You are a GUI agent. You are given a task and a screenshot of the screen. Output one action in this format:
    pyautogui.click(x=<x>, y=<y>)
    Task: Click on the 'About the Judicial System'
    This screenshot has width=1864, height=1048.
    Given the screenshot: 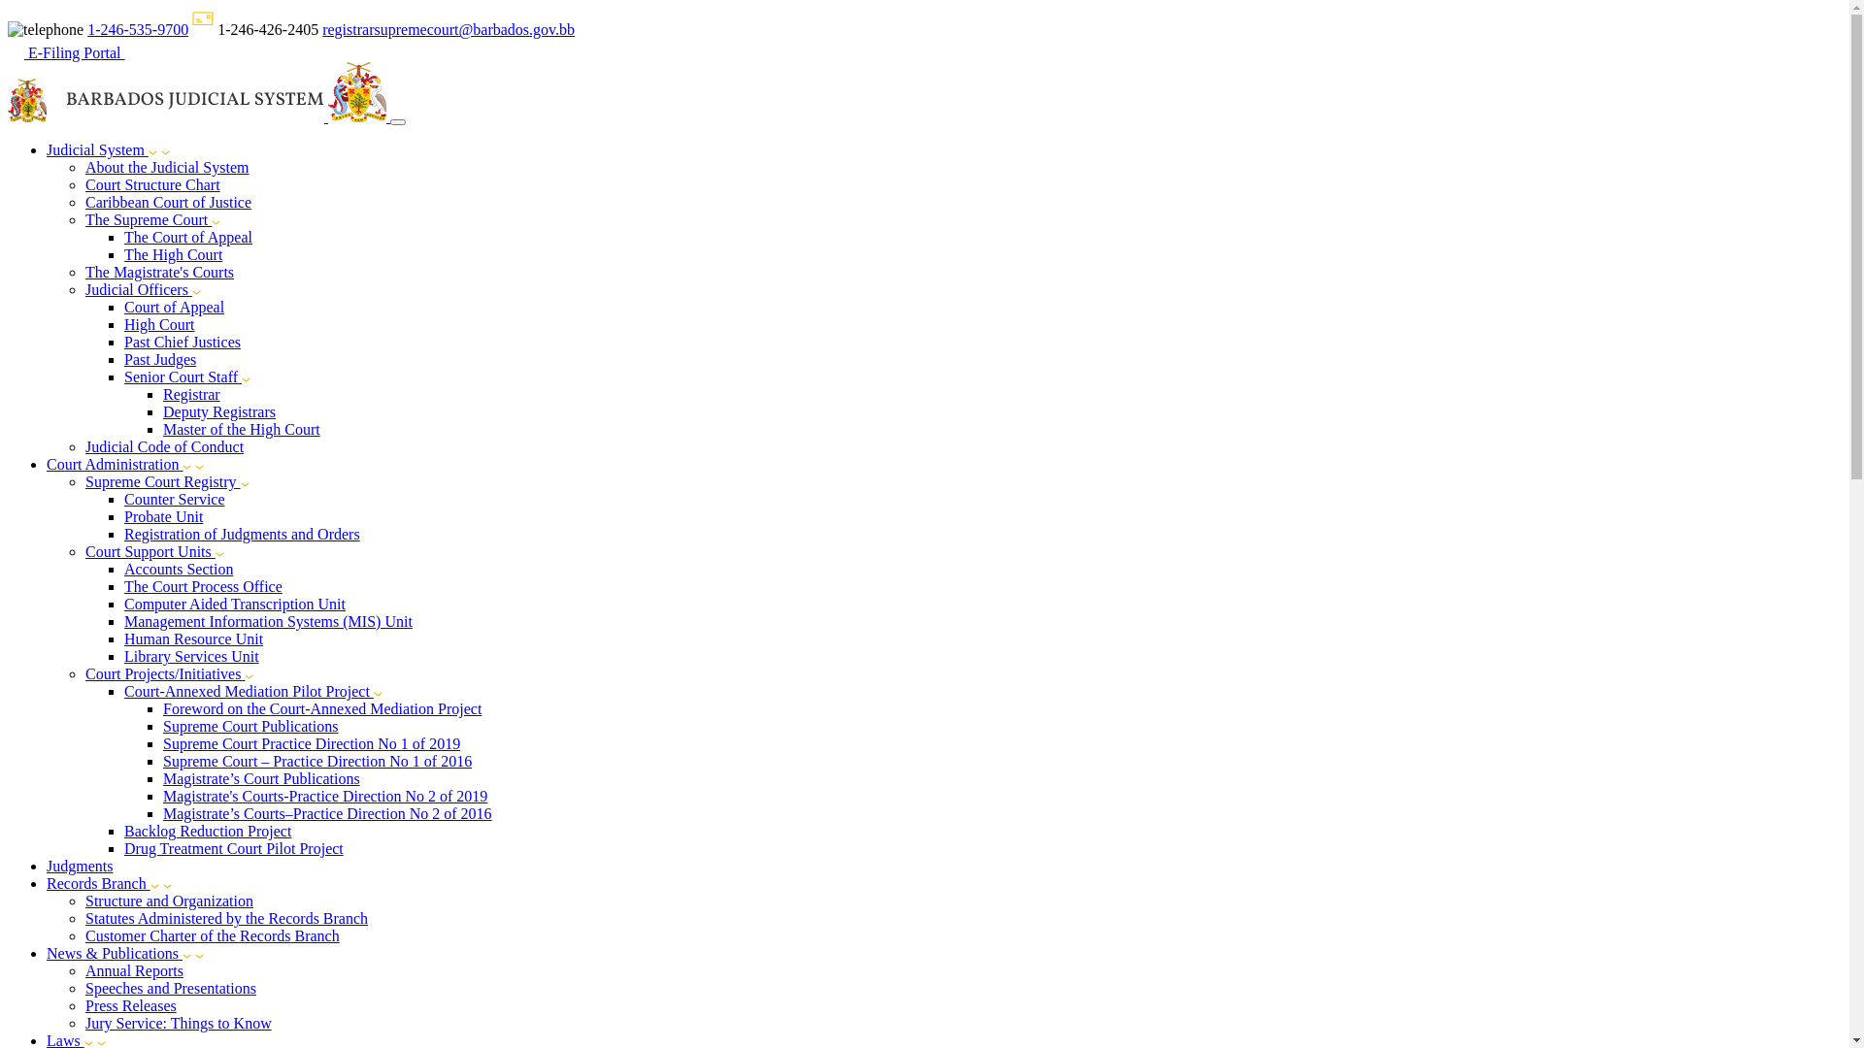 What is the action you would take?
    pyautogui.click(x=167, y=166)
    